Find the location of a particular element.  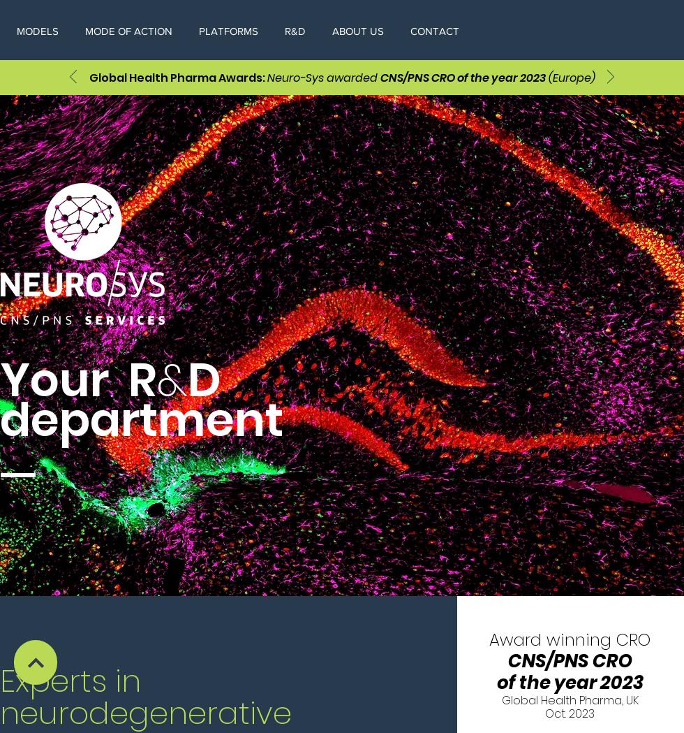

'Experts in' is located at coordinates (70, 680).